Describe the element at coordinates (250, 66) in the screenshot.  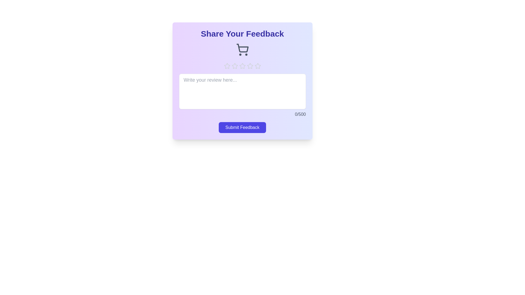
I see `the star corresponding to the rating 4` at that location.